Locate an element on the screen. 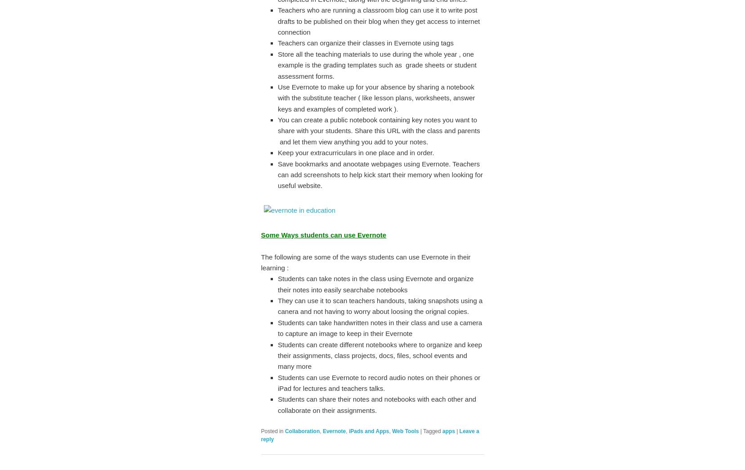 Image resolution: width=745 pixels, height=470 pixels. 'Collaboration' is located at coordinates (302, 430).